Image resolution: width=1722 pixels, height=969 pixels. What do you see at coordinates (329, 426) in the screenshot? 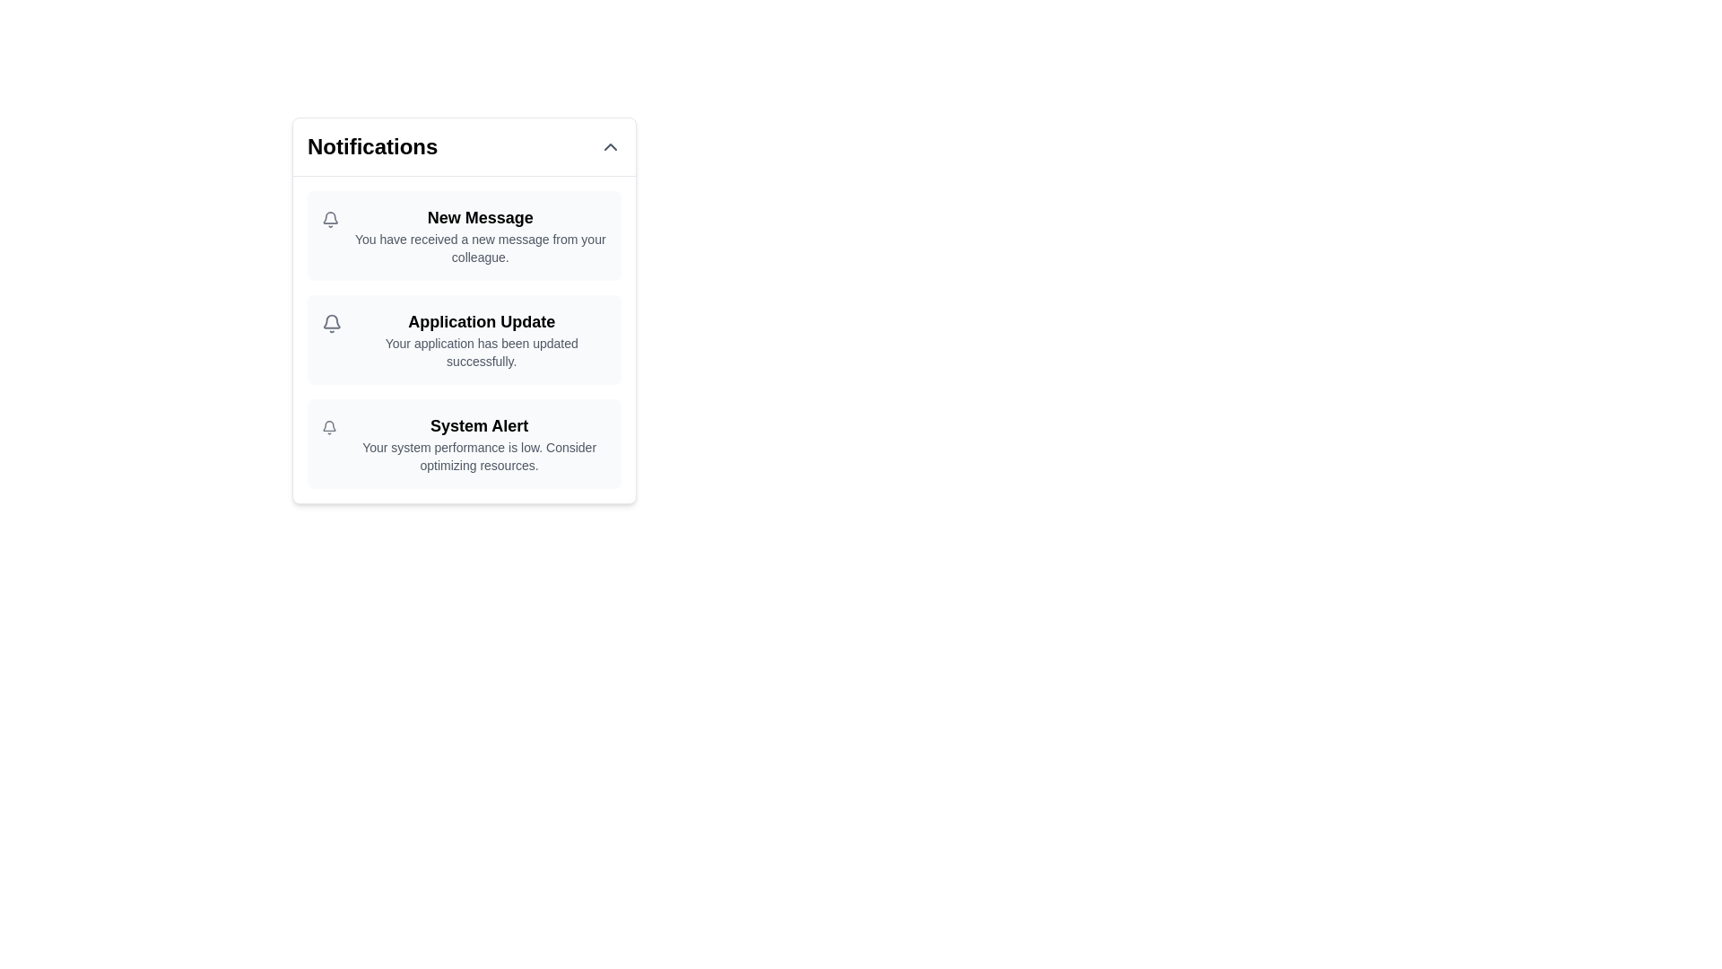
I see `the notification icon with a gray outline, which indicates the presence of new messages in the notification interface` at bounding box center [329, 426].